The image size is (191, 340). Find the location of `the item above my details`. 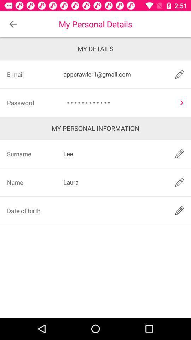

the item above my details is located at coordinates (13, 24).